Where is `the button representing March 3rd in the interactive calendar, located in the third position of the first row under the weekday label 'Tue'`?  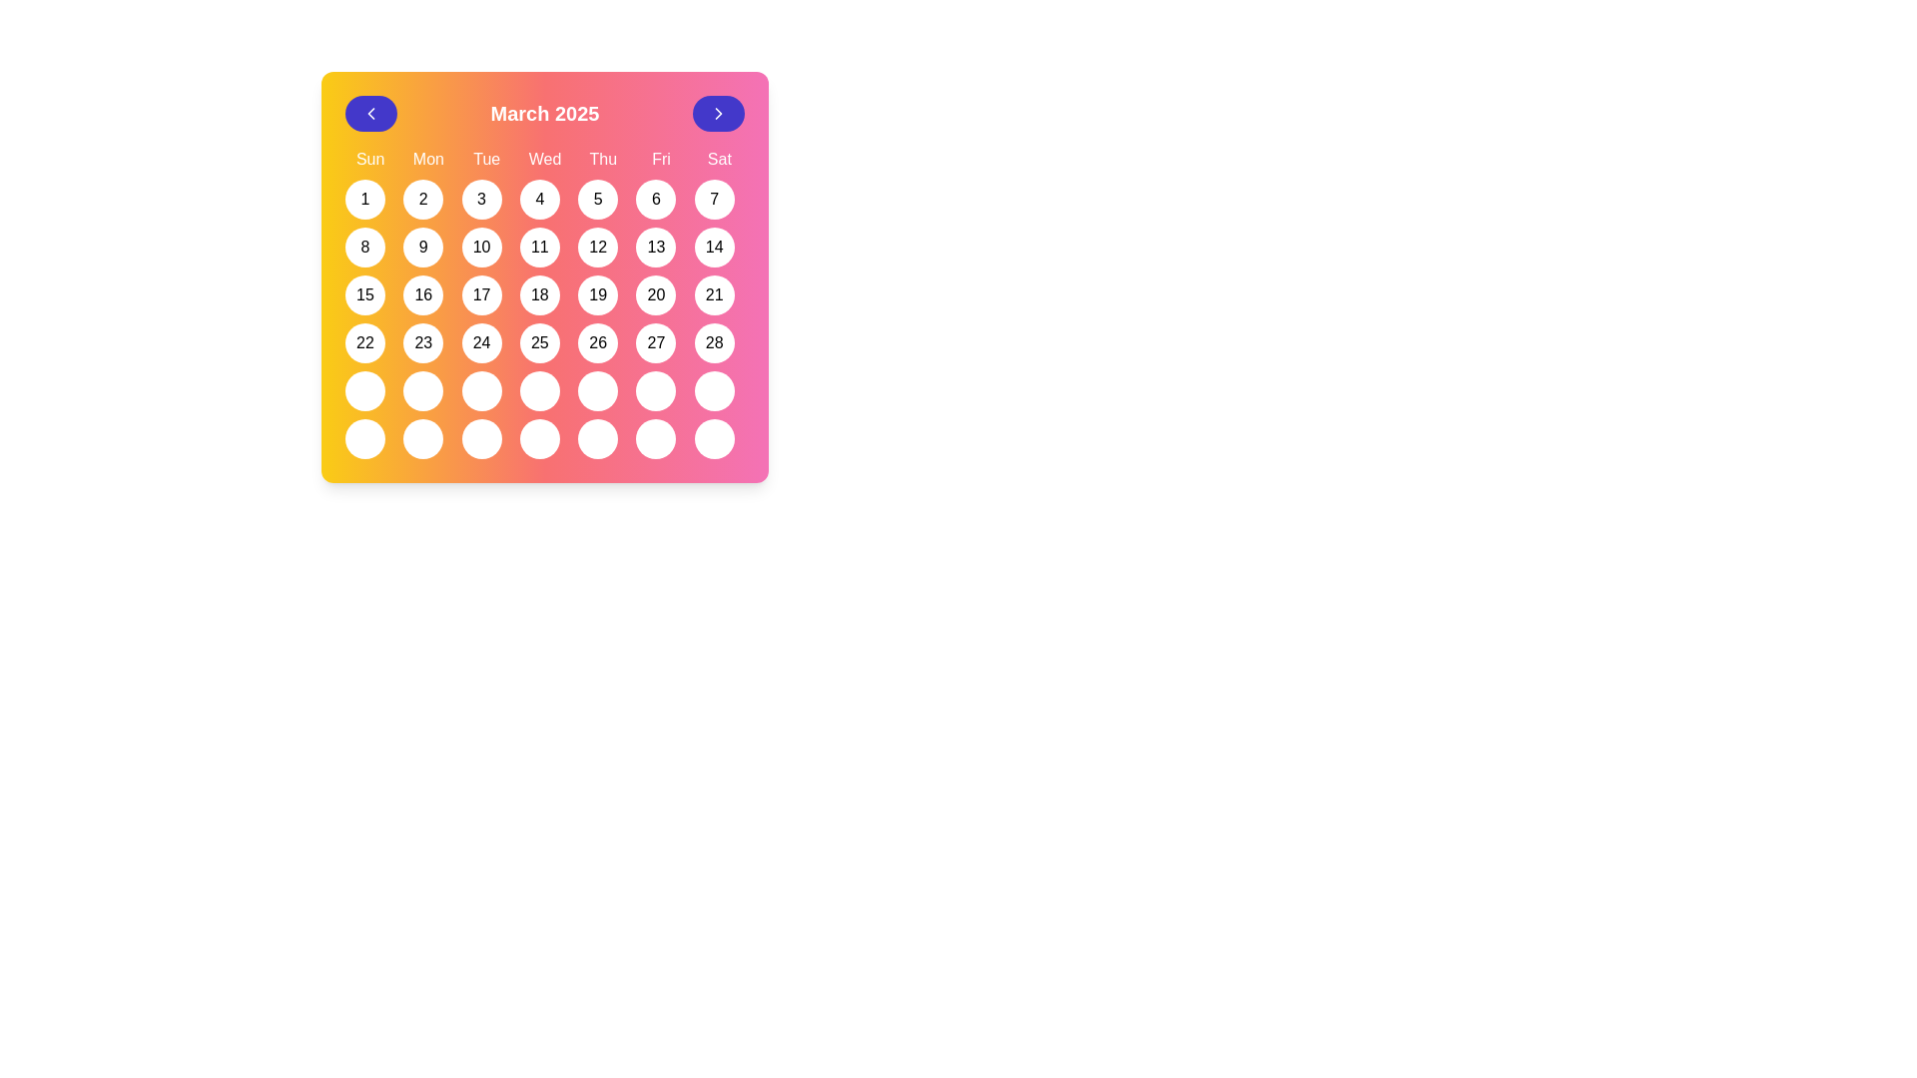 the button representing March 3rd in the interactive calendar, located in the third position of the first row under the weekday label 'Tue' is located at coordinates (481, 200).